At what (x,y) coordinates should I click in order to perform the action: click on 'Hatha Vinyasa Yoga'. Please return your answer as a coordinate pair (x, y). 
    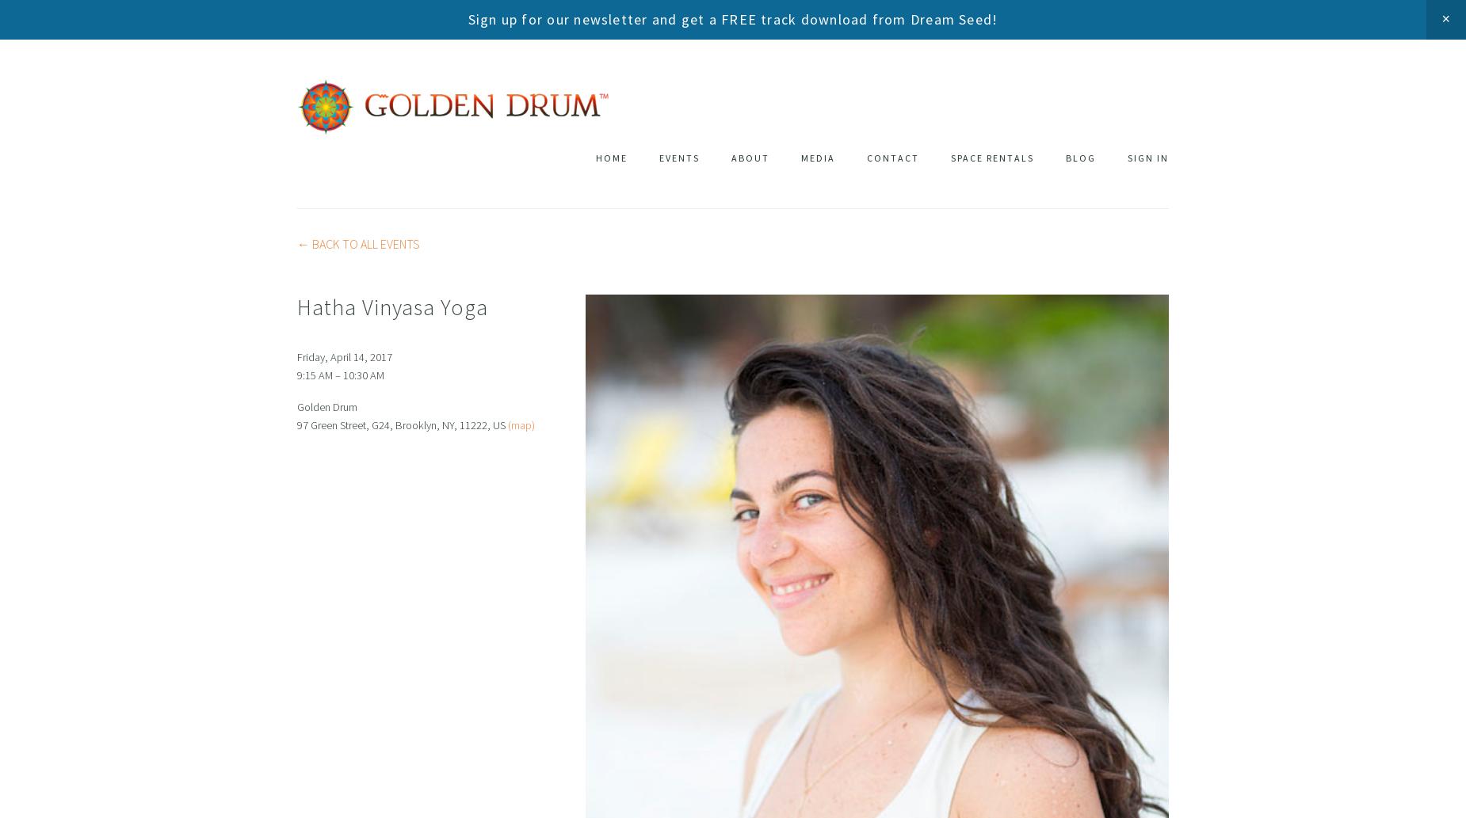
    Looking at the image, I should click on (392, 306).